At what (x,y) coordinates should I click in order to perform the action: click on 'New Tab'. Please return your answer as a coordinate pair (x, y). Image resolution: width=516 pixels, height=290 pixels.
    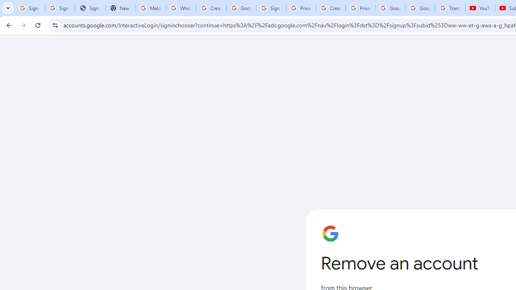
    Looking at the image, I should click on (120, 8).